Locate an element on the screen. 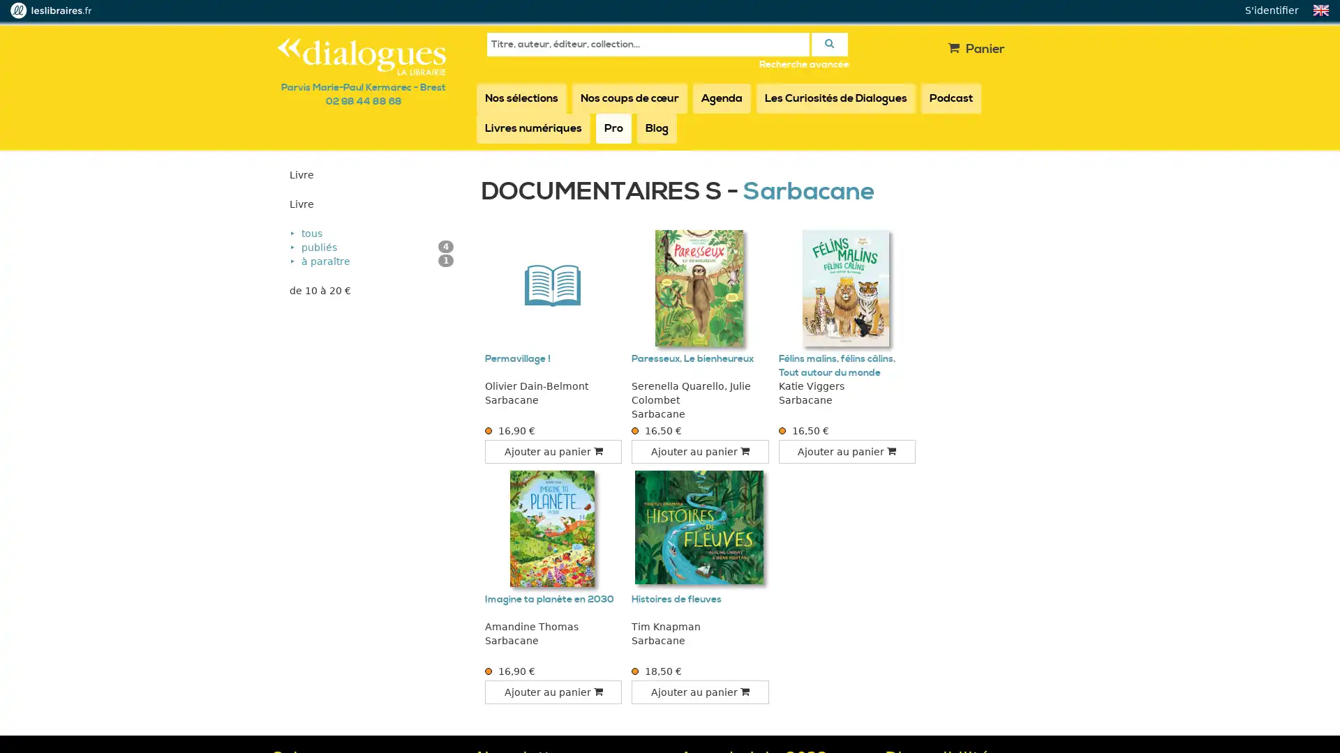  Ajouter au panier is located at coordinates (700, 692).